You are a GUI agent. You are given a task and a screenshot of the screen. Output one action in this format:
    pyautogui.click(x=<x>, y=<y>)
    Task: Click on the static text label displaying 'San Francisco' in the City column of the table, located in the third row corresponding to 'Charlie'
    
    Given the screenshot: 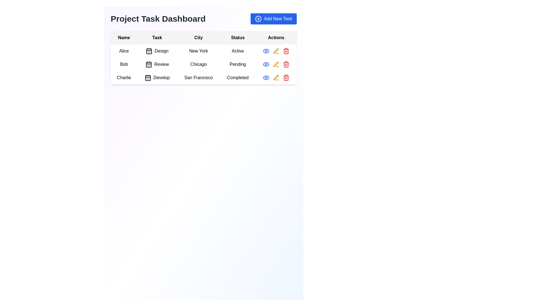 What is the action you would take?
    pyautogui.click(x=198, y=78)
    